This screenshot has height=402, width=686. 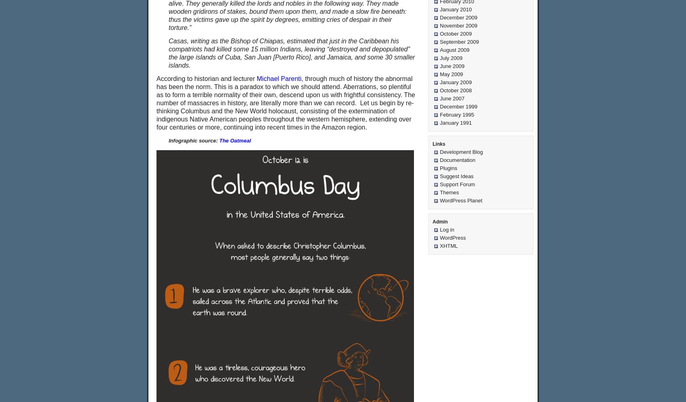 What do you see at coordinates (459, 41) in the screenshot?
I see `'September 2009'` at bounding box center [459, 41].